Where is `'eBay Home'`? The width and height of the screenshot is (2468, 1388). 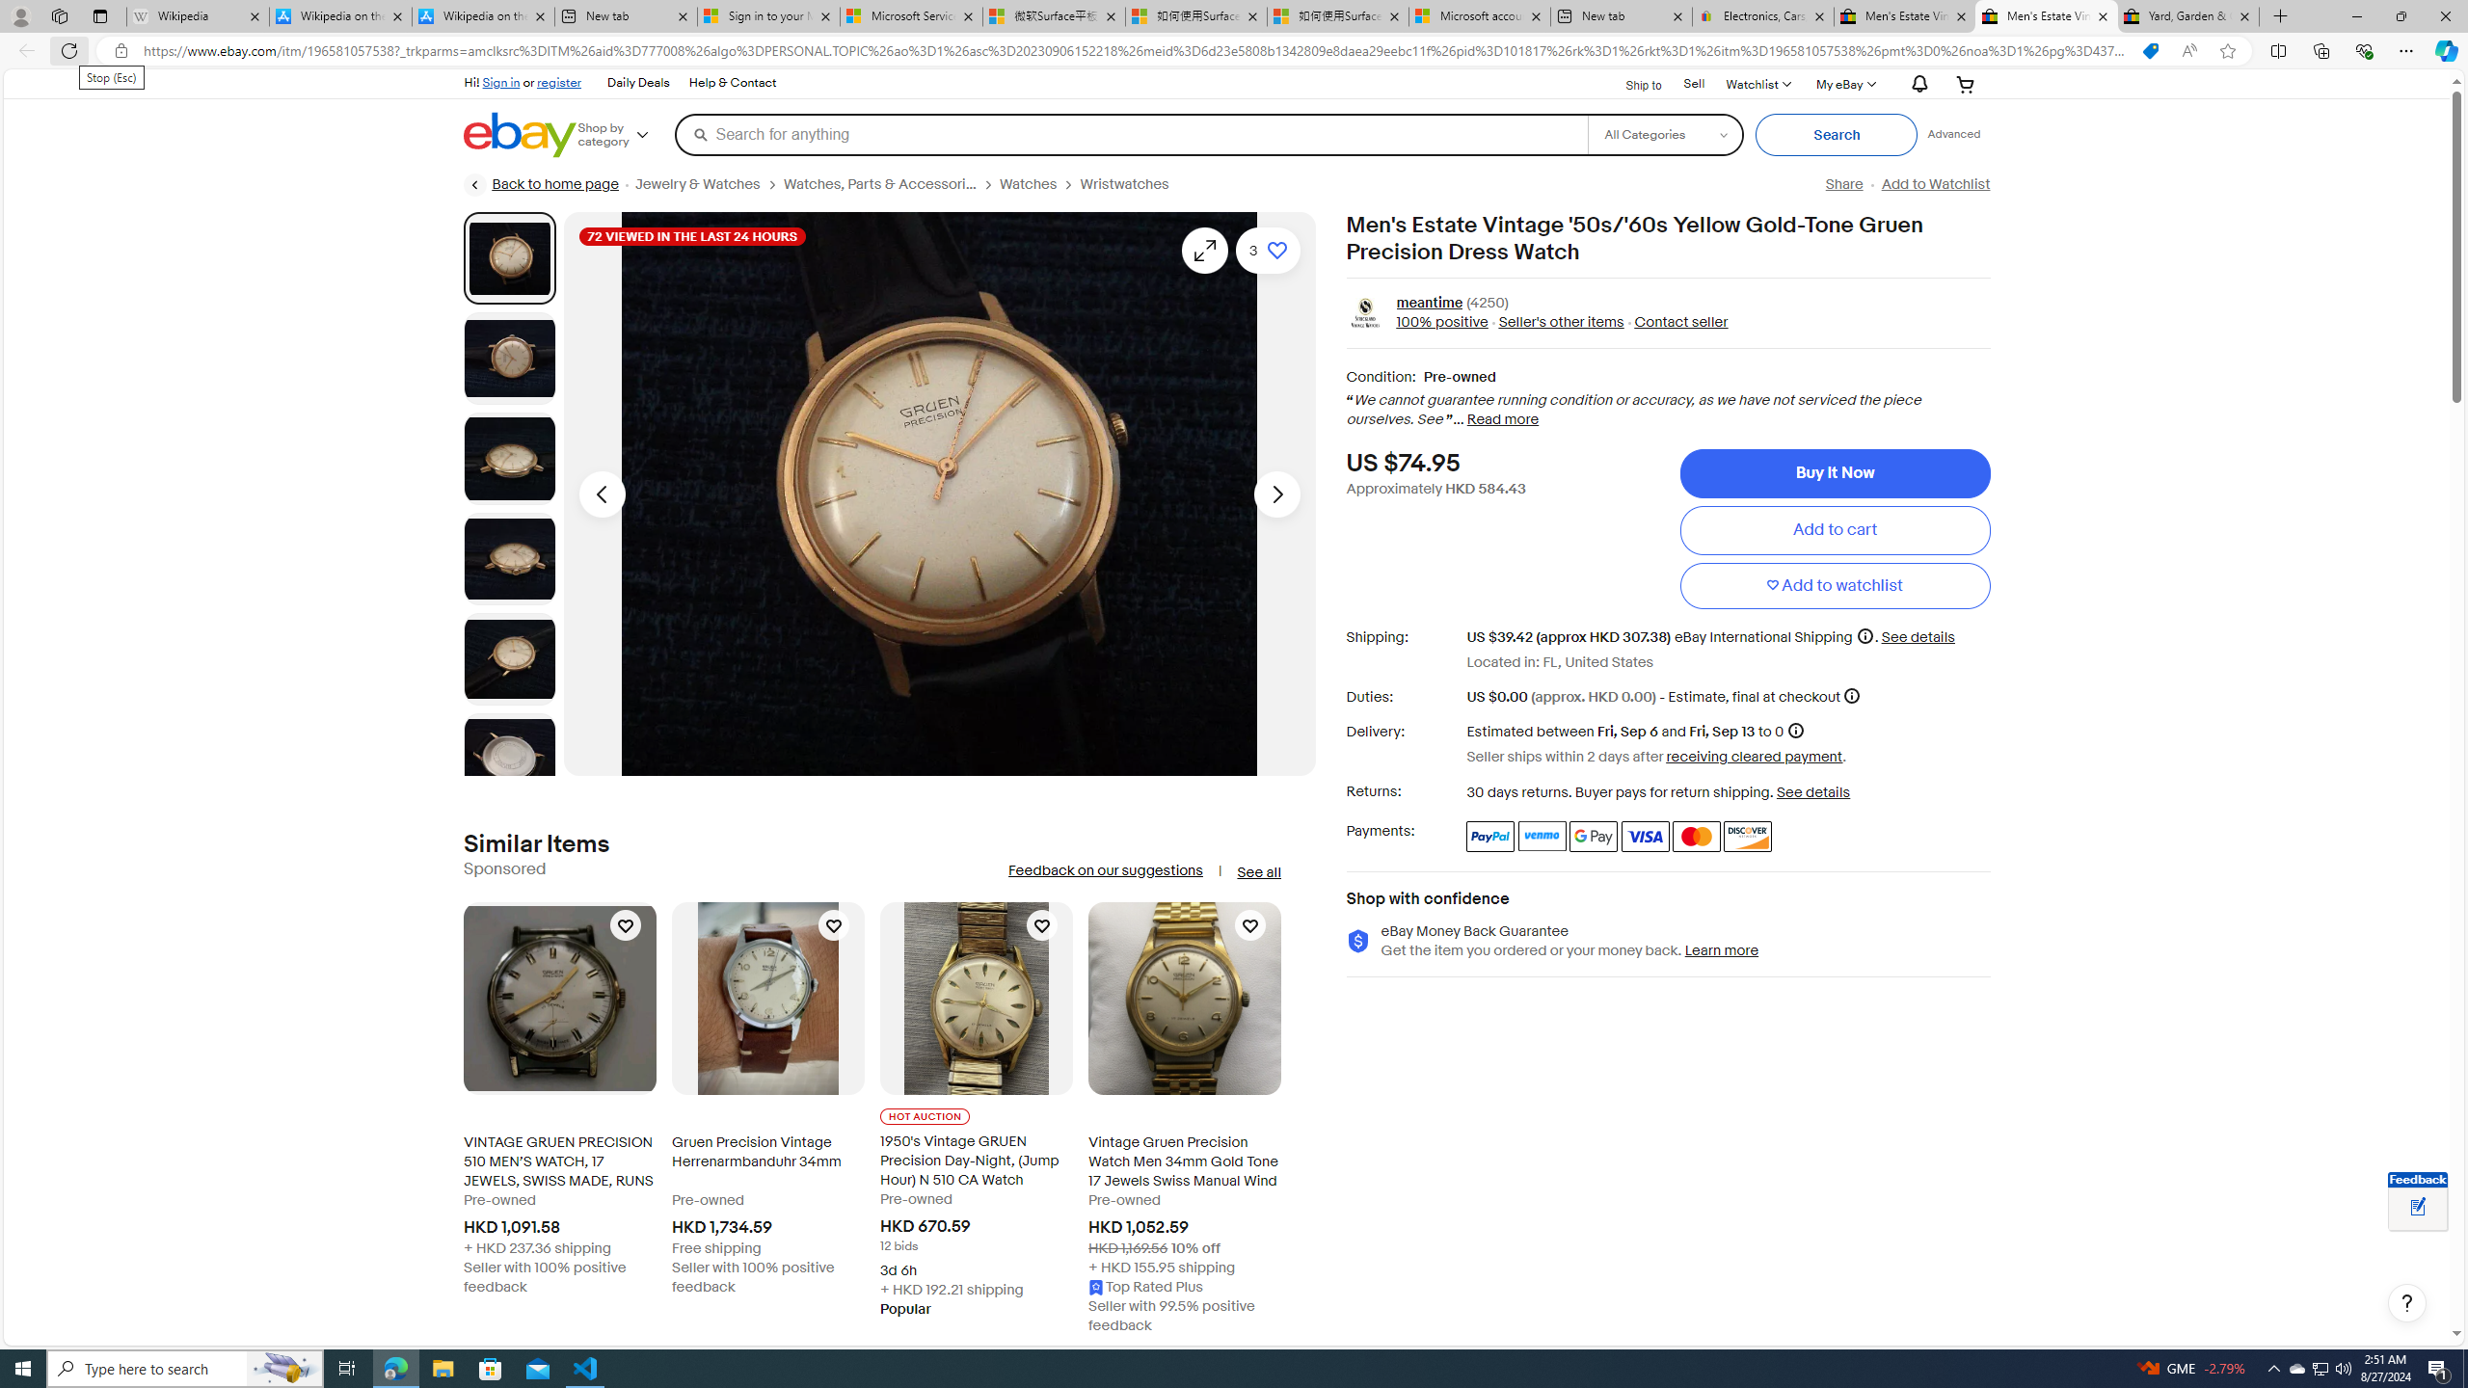 'eBay Home' is located at coordinates (520, 134).